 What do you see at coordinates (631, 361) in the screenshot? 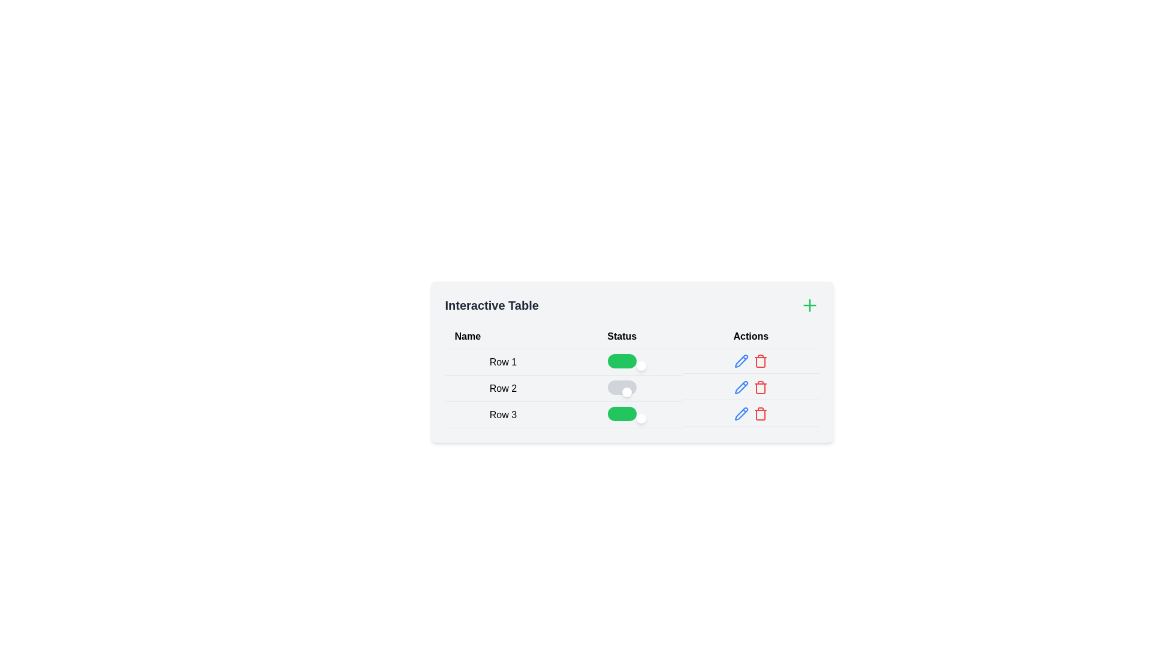
I see `the toggle switch in the first row of the table under the 'Status' column` at bounding box center [631, 361].